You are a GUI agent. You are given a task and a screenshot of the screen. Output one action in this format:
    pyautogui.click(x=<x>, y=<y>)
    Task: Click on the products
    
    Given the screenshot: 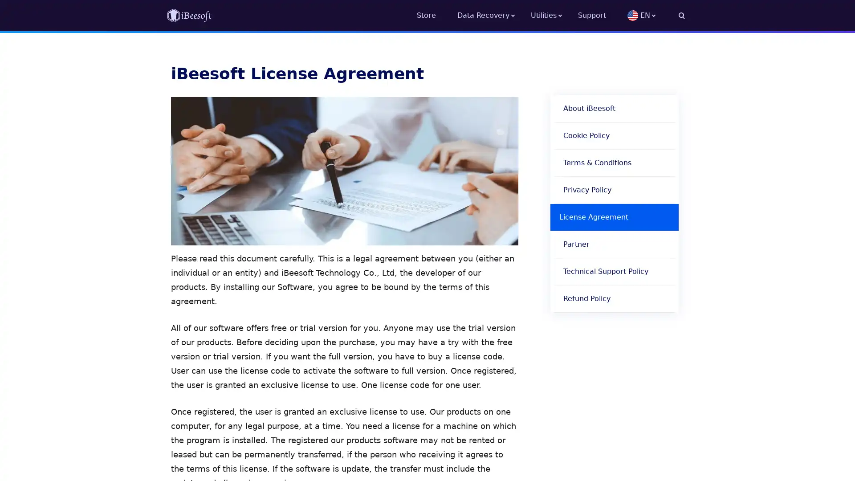 What is the action you would take?
    pyautogui.click(x=493, y=15)
    